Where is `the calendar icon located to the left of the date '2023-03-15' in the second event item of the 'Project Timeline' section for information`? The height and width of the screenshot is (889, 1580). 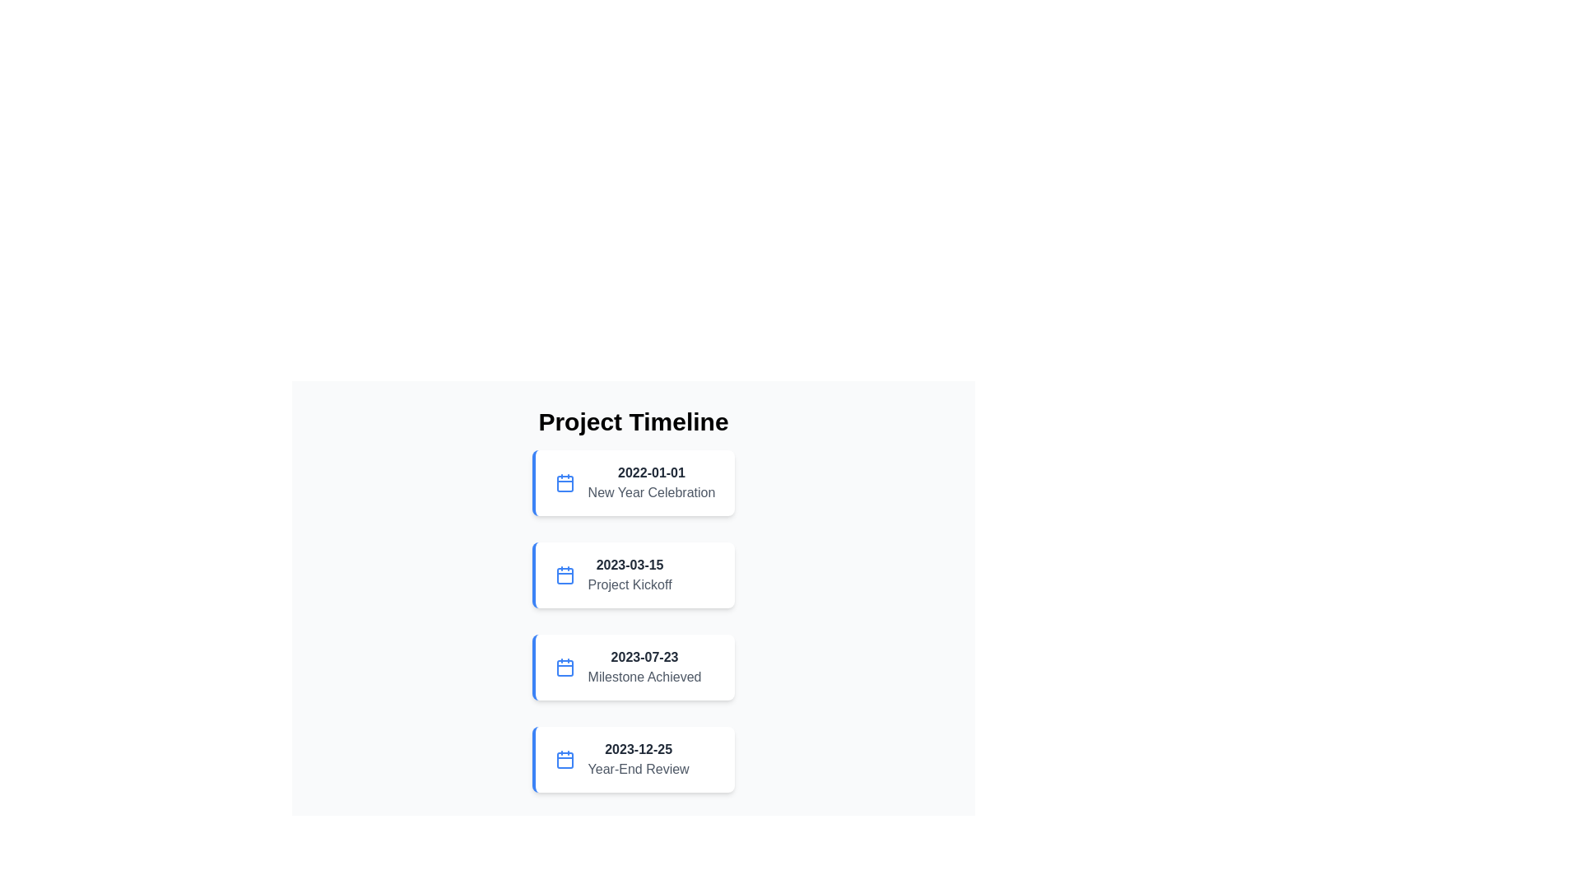 the calendar icon located to the left of the date '2023-03-15' in the second event item of the 'Project Timeline' section for information is located at coordinates (565, 574).